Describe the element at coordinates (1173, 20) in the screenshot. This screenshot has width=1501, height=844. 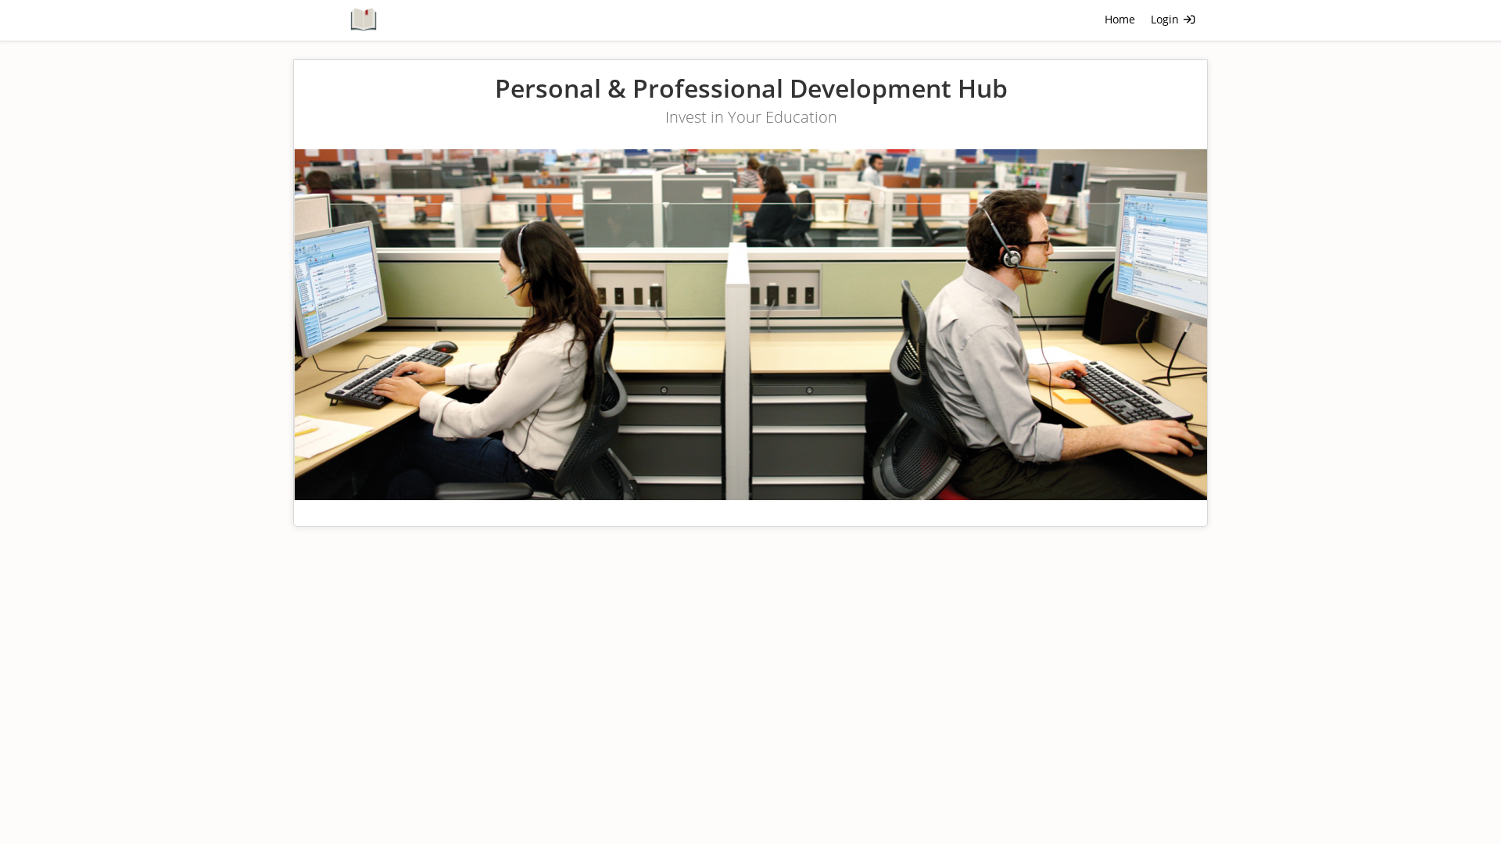
I see `'Login '` at that location.